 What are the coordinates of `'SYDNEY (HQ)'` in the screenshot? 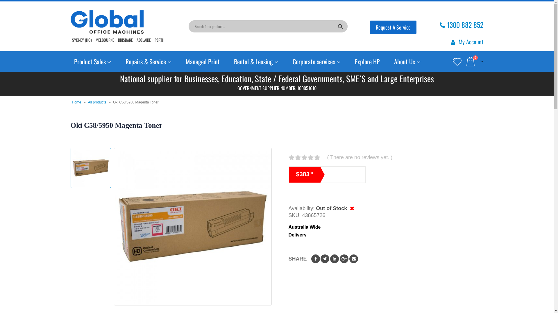 It's located at (82, 39).